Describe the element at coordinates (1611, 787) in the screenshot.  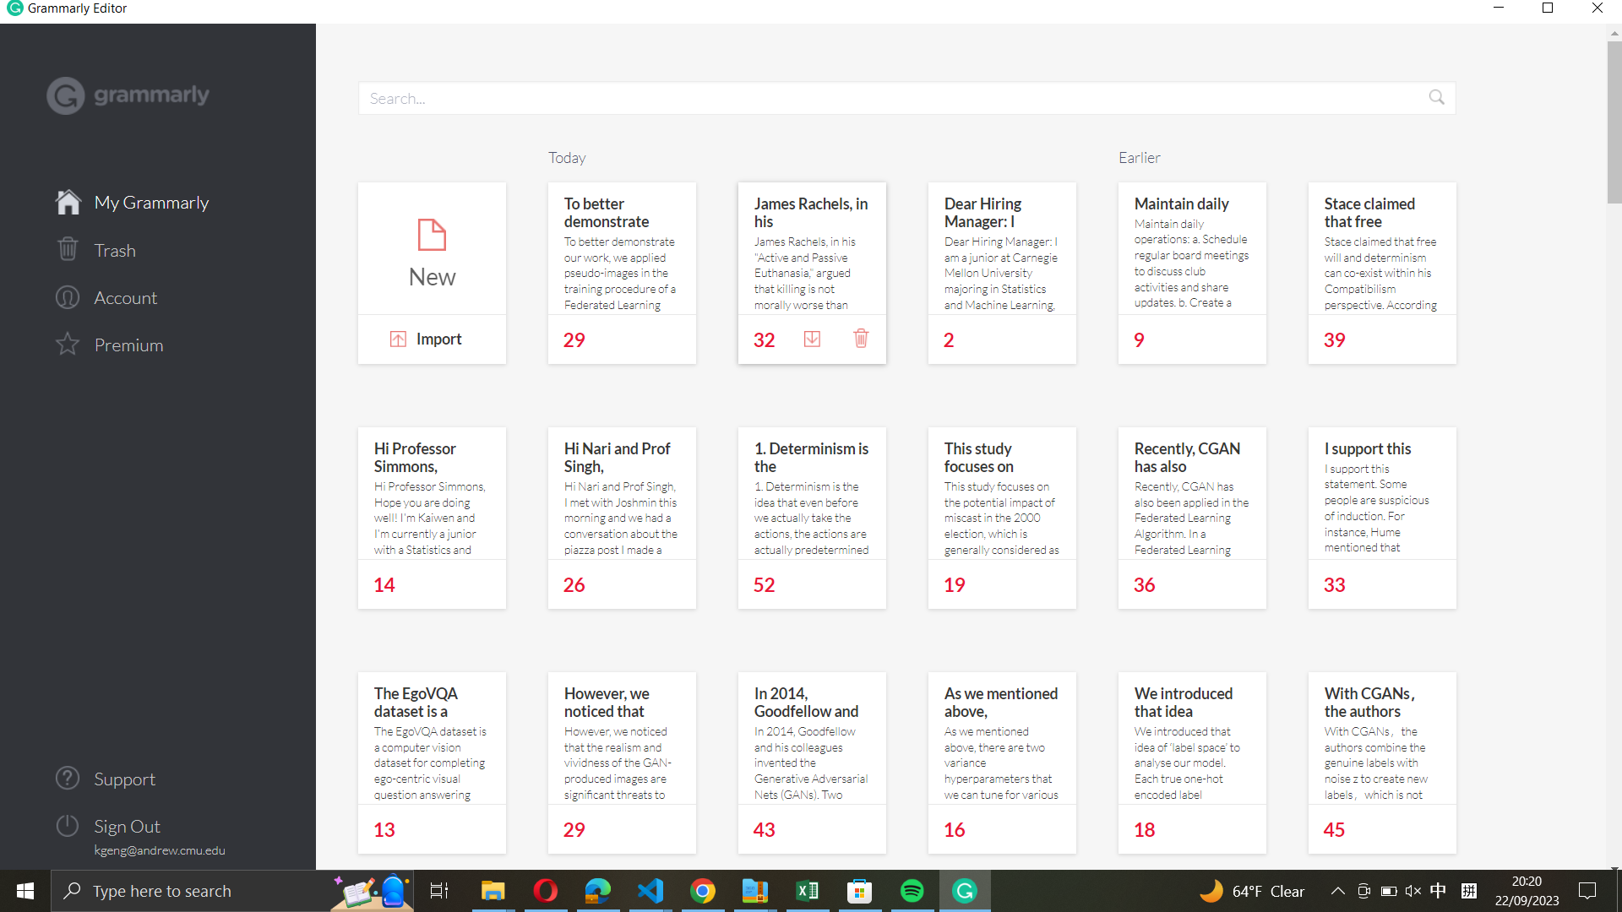
I see `Move to the bottom of the webpage` at that location.